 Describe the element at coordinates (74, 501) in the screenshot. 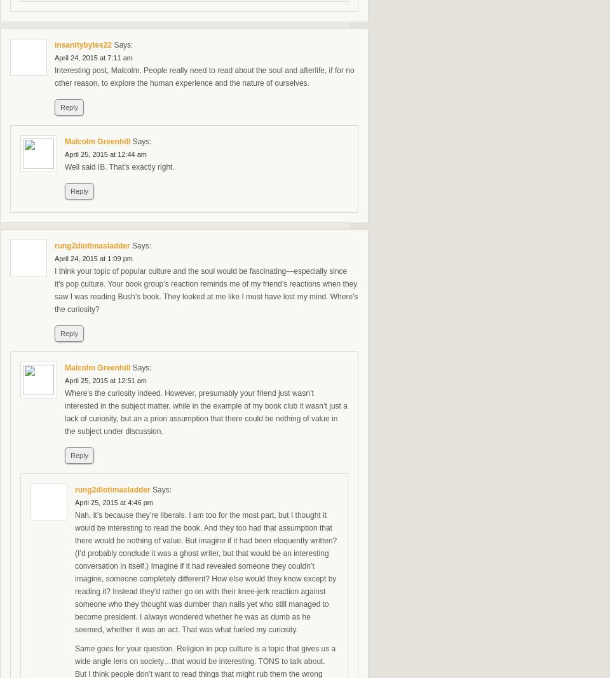

I see `'April 25, 2015 at 4:46 pm'` at that location.